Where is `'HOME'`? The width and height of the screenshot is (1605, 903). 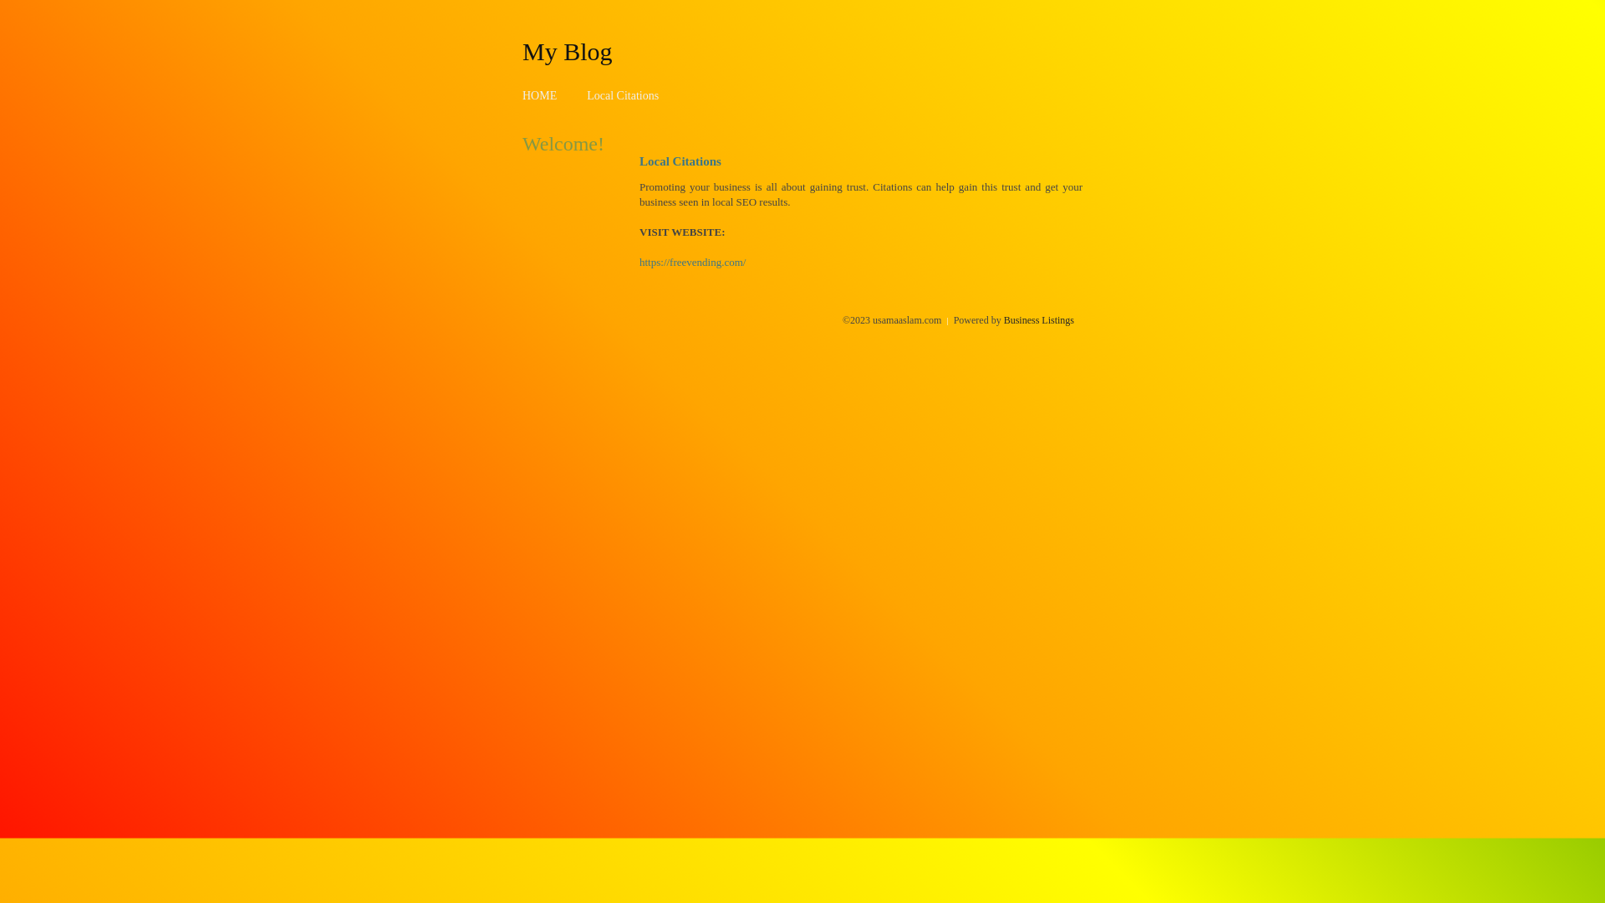 'HOME' is located at coordinates (539, 95).